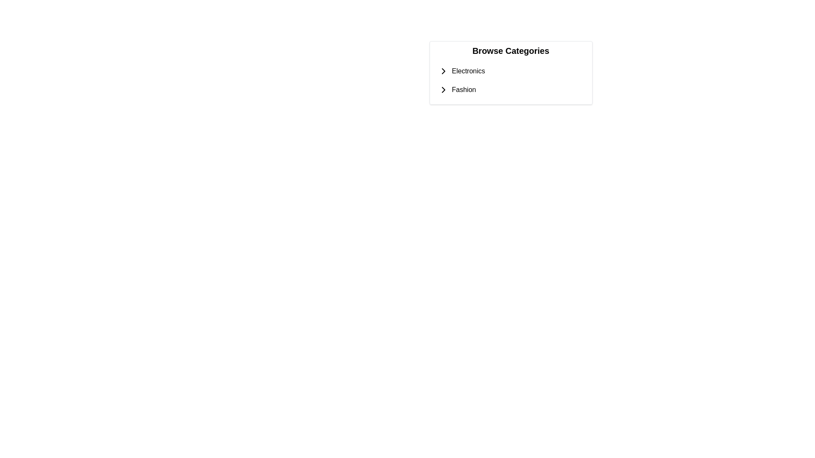 Image resolution: width=815 pixels, height=458 pixels. I want to click on the rightward-pointing chevron icon located on the left side of the 'Electronics' label, so click(443, 71).